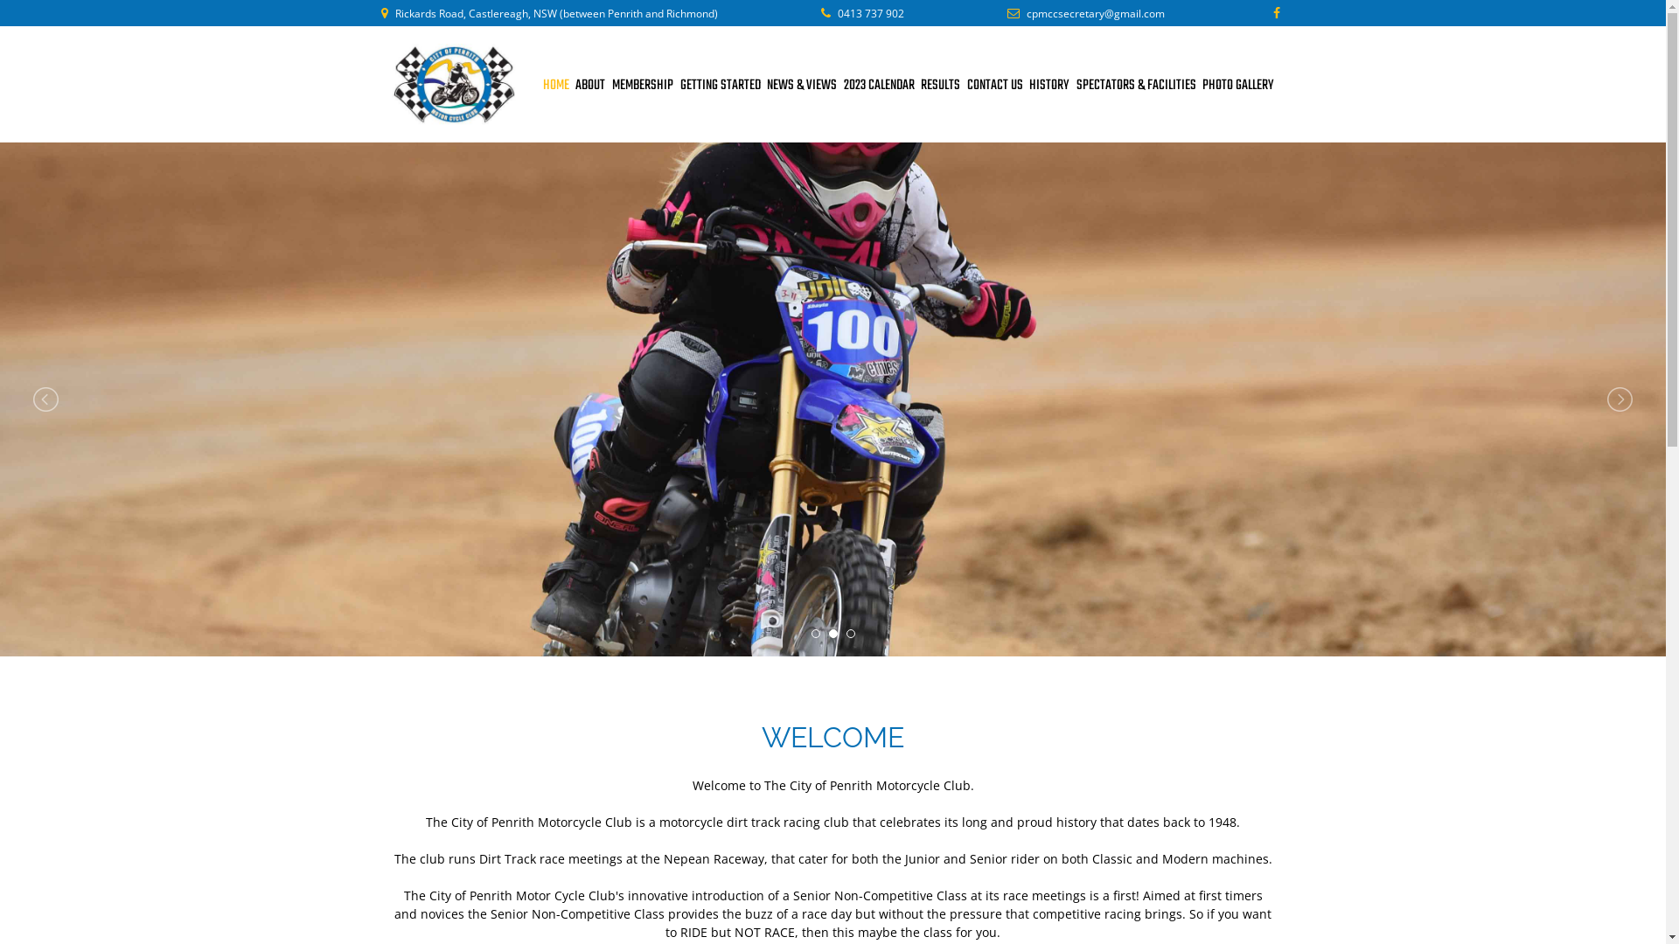  Describe the element at coordinates (833, 634) in the screenshot. I see `'2'` at that location.